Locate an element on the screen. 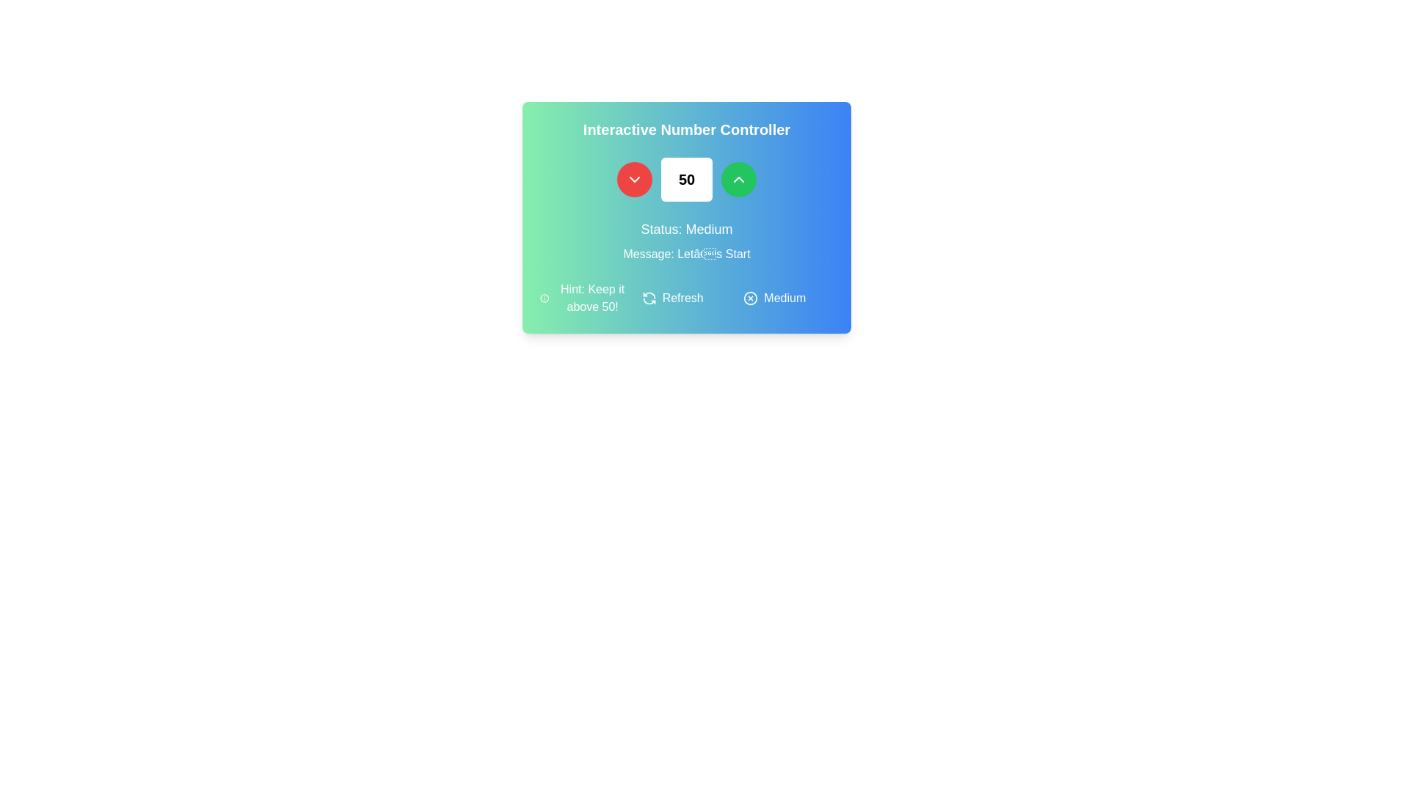  the text display box that shows the numeric value '50', which is styled with a white background, rounded corners, and bold black font is located at coordinates (686, 179).